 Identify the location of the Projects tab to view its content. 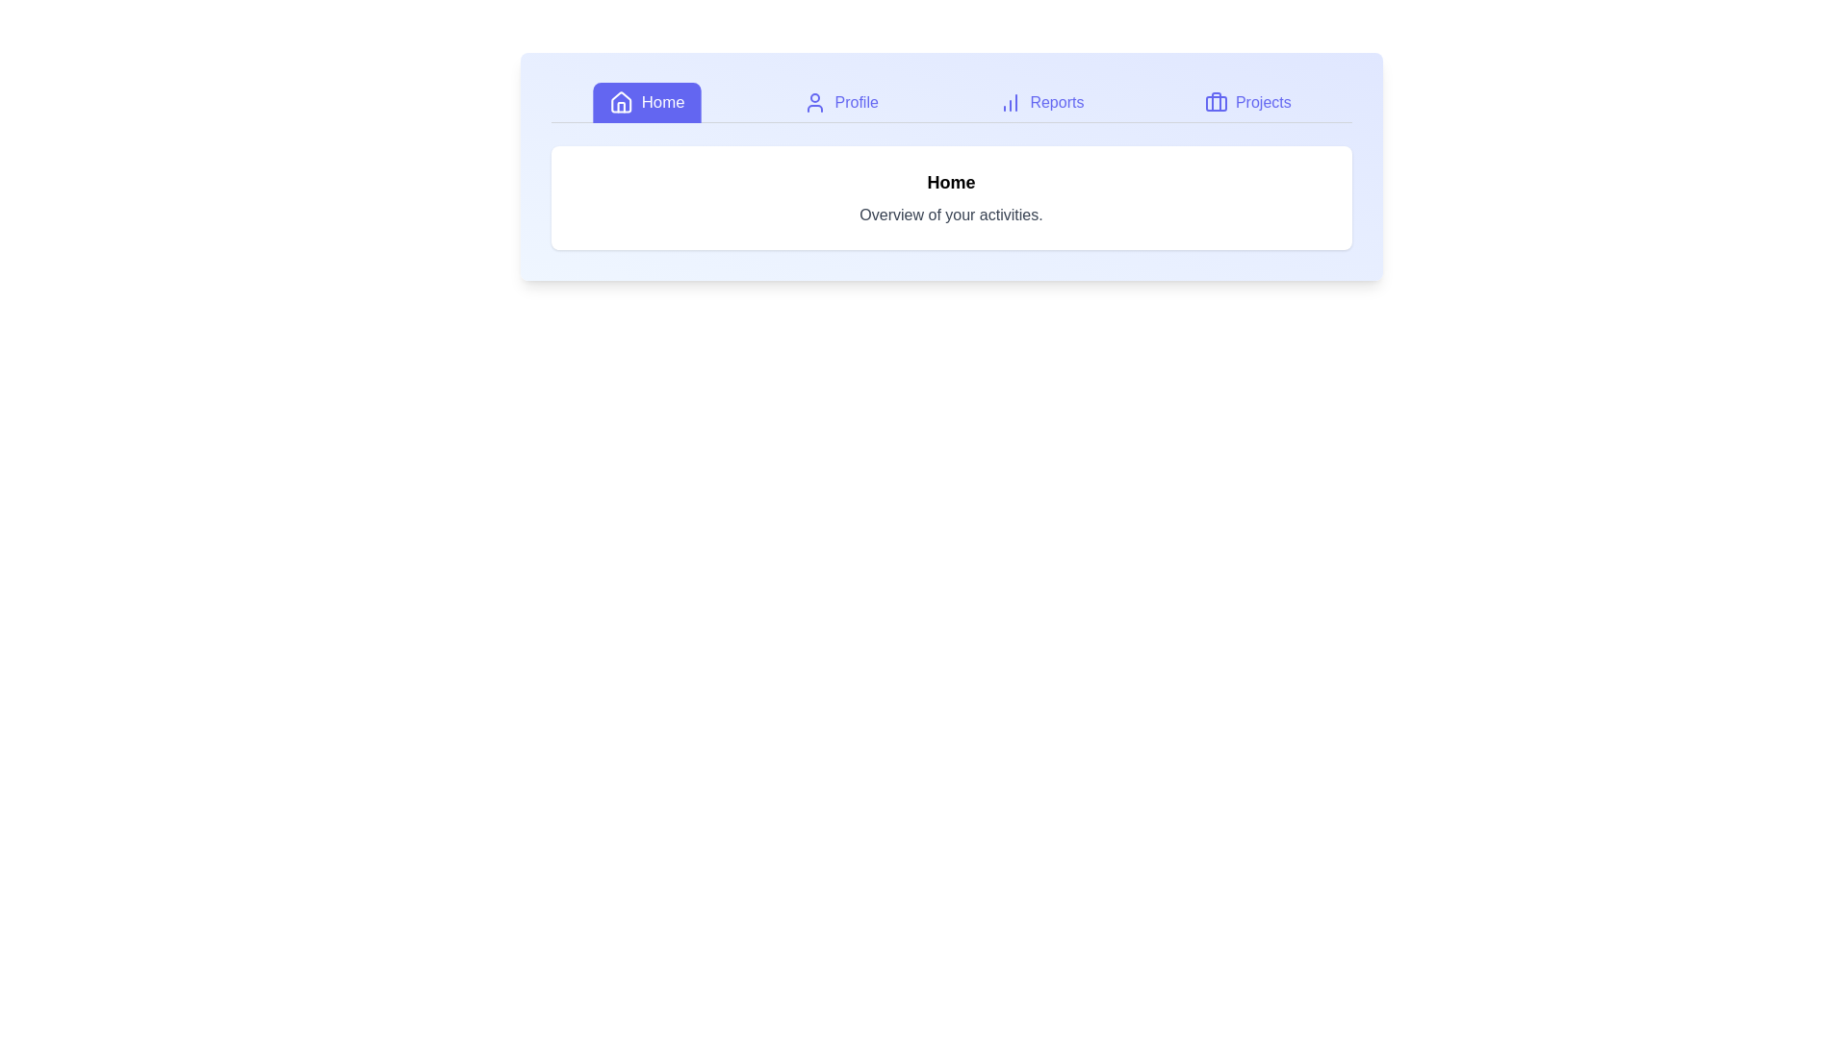
(1247, 103).